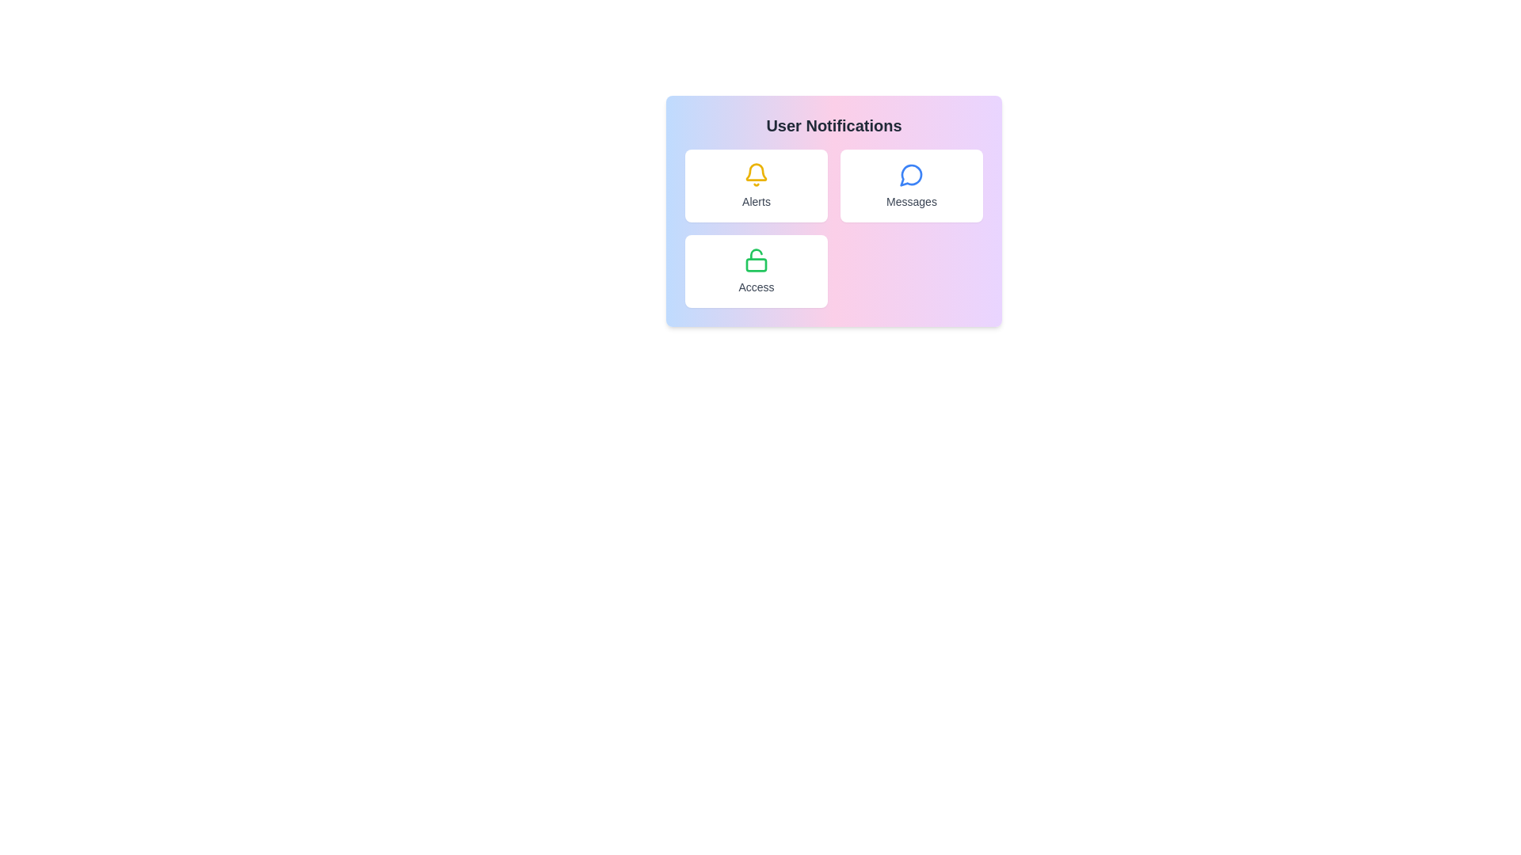  What do you see at coordinates (756, 287) in the screenshot?
I see `the text label displaying the word 'Access' located within the lower middle part of the white card in the 'User Notifications' panel` at bounding box center [756, 287].